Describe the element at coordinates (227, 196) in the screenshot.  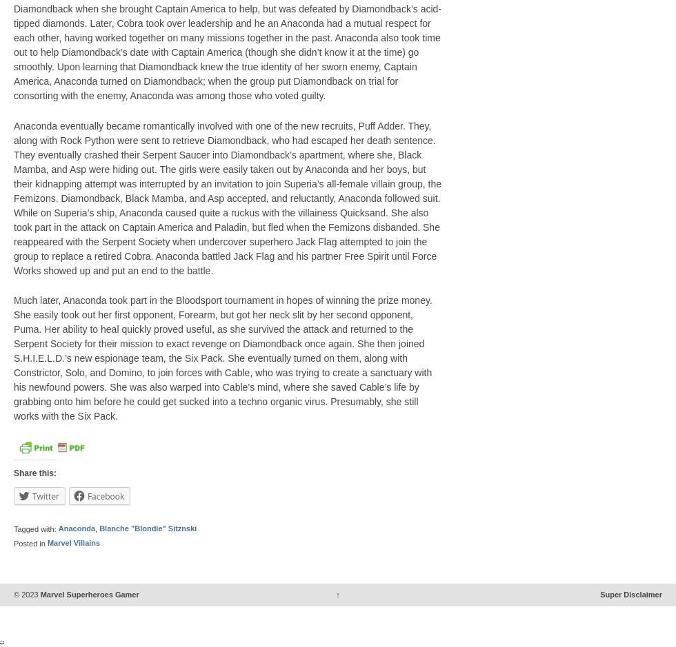
I see `'Anaconda eventually became romantically involved with one of the new recruits, Puff Adder. They, along with Rock Python were sent to retrieve Diamondback, who had escaped her death sentence. They eventually crashed their Serpent Saucer into Diamondback’s apartment, where she, Black Mamba, and Asp were hiding out. The girls were easily taken out by Anaconda and her boys, but their kidnapping attempt was interrupted by an invitation to join Superia’s all-female villain group, the Femizons. Diamondback, Black Mamba, and Asp accepted, and reluctantly, Anaconda followed suit. While on Superia’s ship, Anaconda caused quite a ruckus with the villainess Quicksand. She also took part in the attack on Captain America and Paladin, but fled when the Femizons disbanded. She reappeared with the Serpent Society when undercover superhero Jack Flag attempted to join the group to replace a retired Cobra. Anaconda battled Jack Flag and his partner Free Spirit until Force Works showed up and put an end to the battle.'` at that location.